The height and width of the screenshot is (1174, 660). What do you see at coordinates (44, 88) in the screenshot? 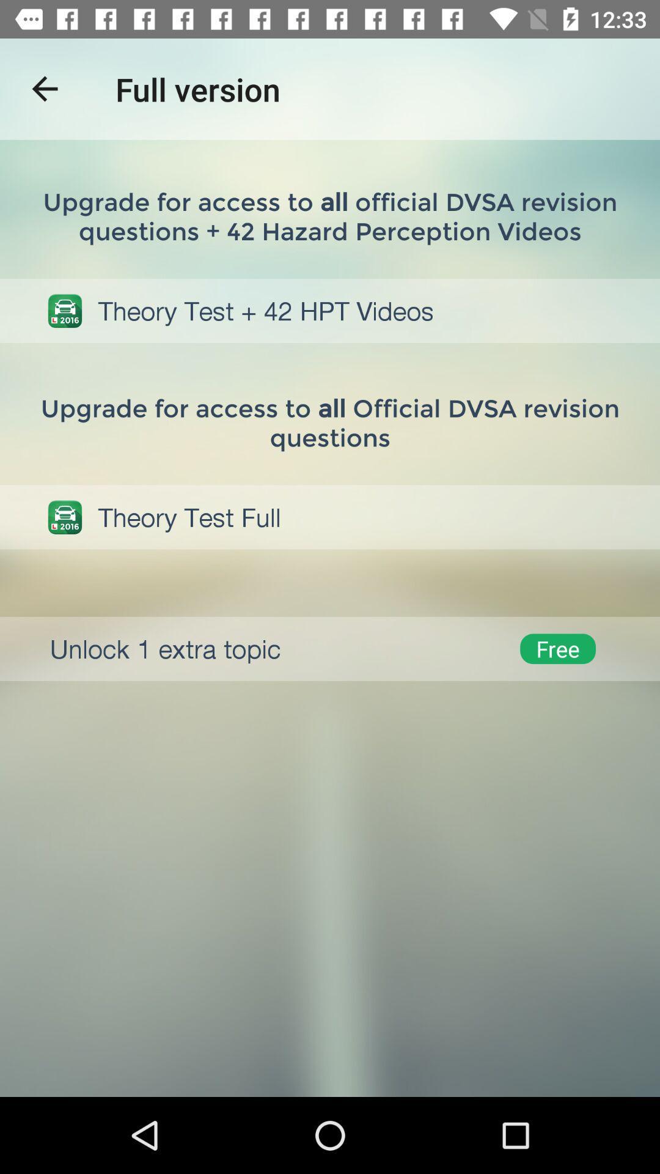
I see `the item to the left of full version` at bounding box center [44, 88].